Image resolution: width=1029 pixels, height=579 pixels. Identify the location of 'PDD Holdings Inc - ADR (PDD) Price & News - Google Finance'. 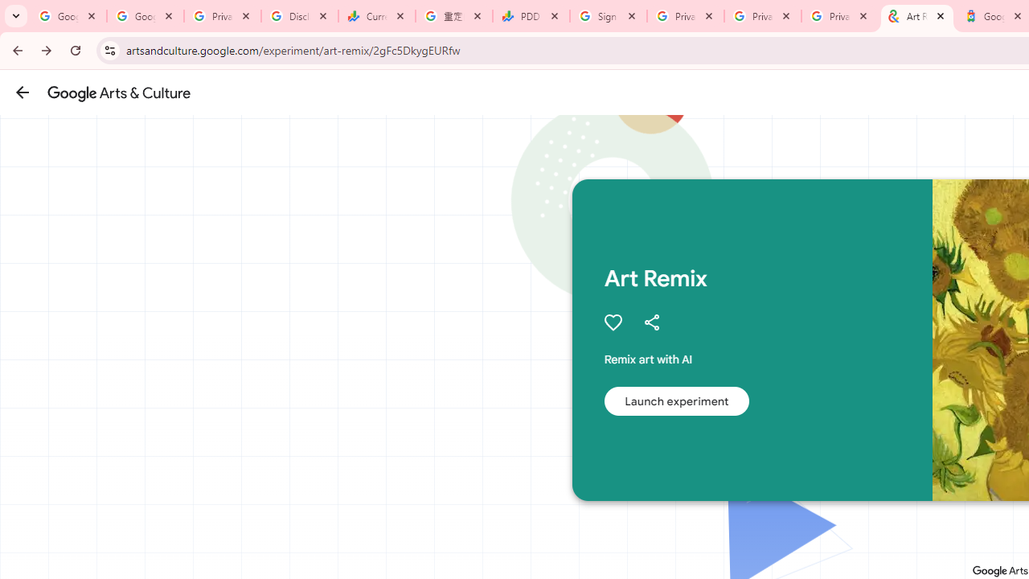
(531, 16).